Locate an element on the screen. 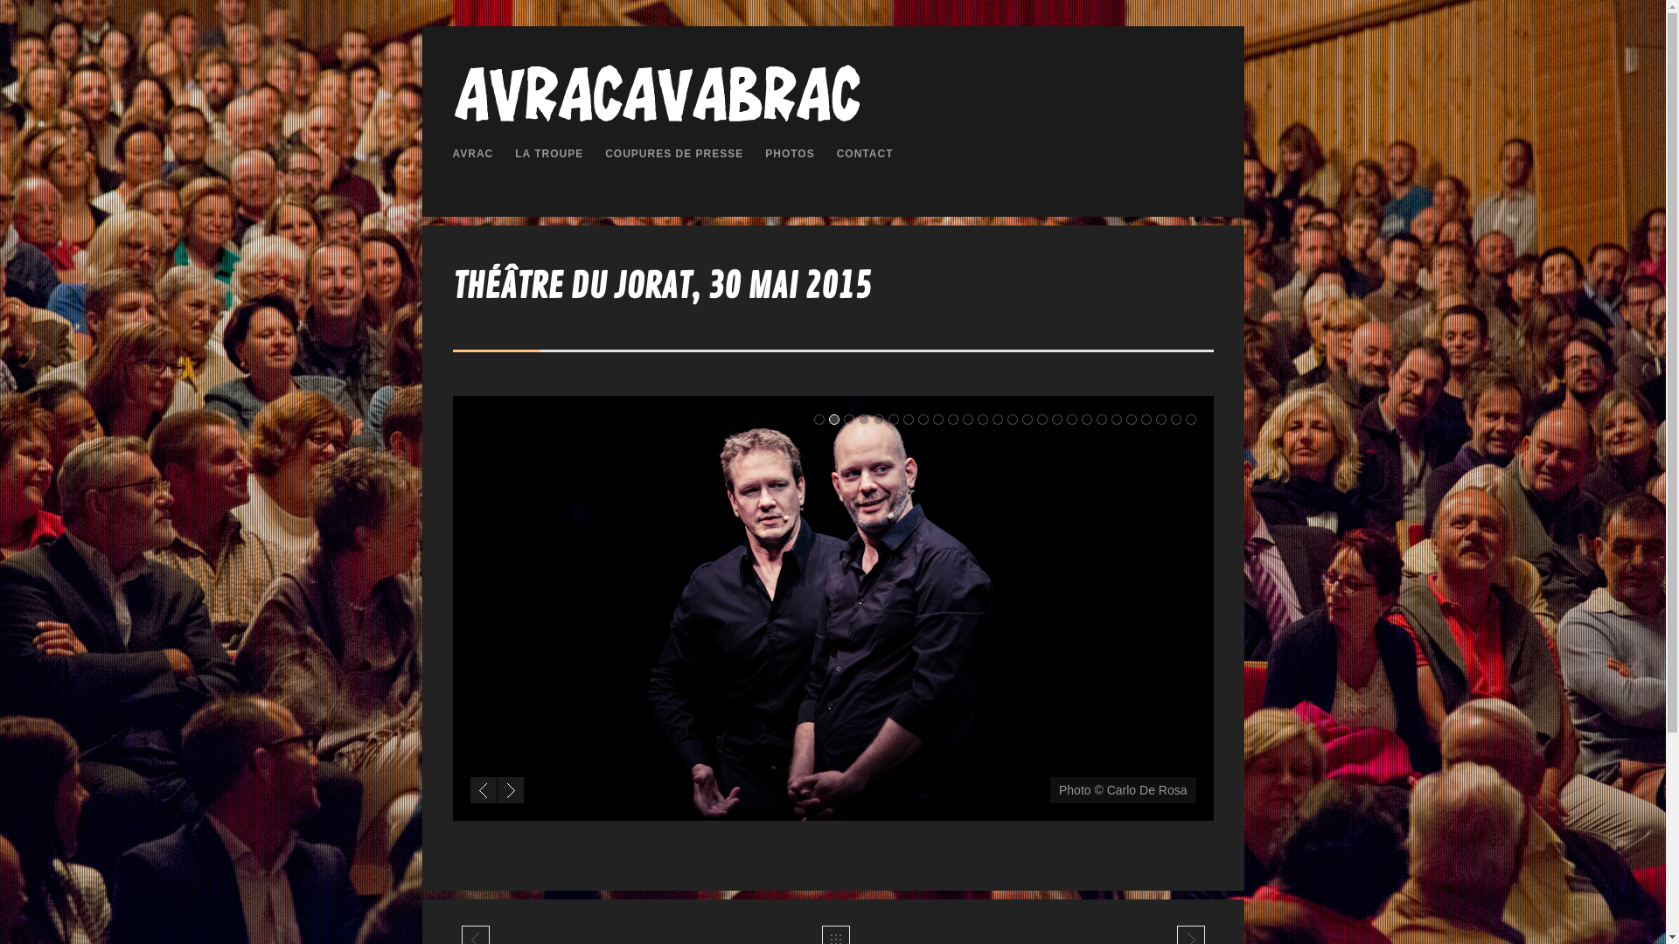 The image size is (1679, 944). 'Next' is located at coordinates (508, 789).